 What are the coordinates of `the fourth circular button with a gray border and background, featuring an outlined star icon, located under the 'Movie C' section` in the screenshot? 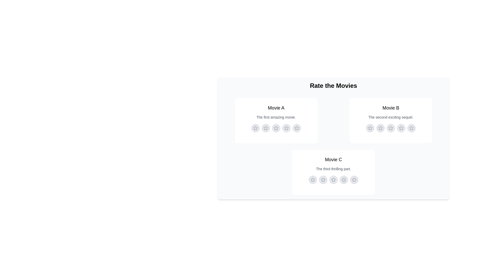 It's located at (344, 179).